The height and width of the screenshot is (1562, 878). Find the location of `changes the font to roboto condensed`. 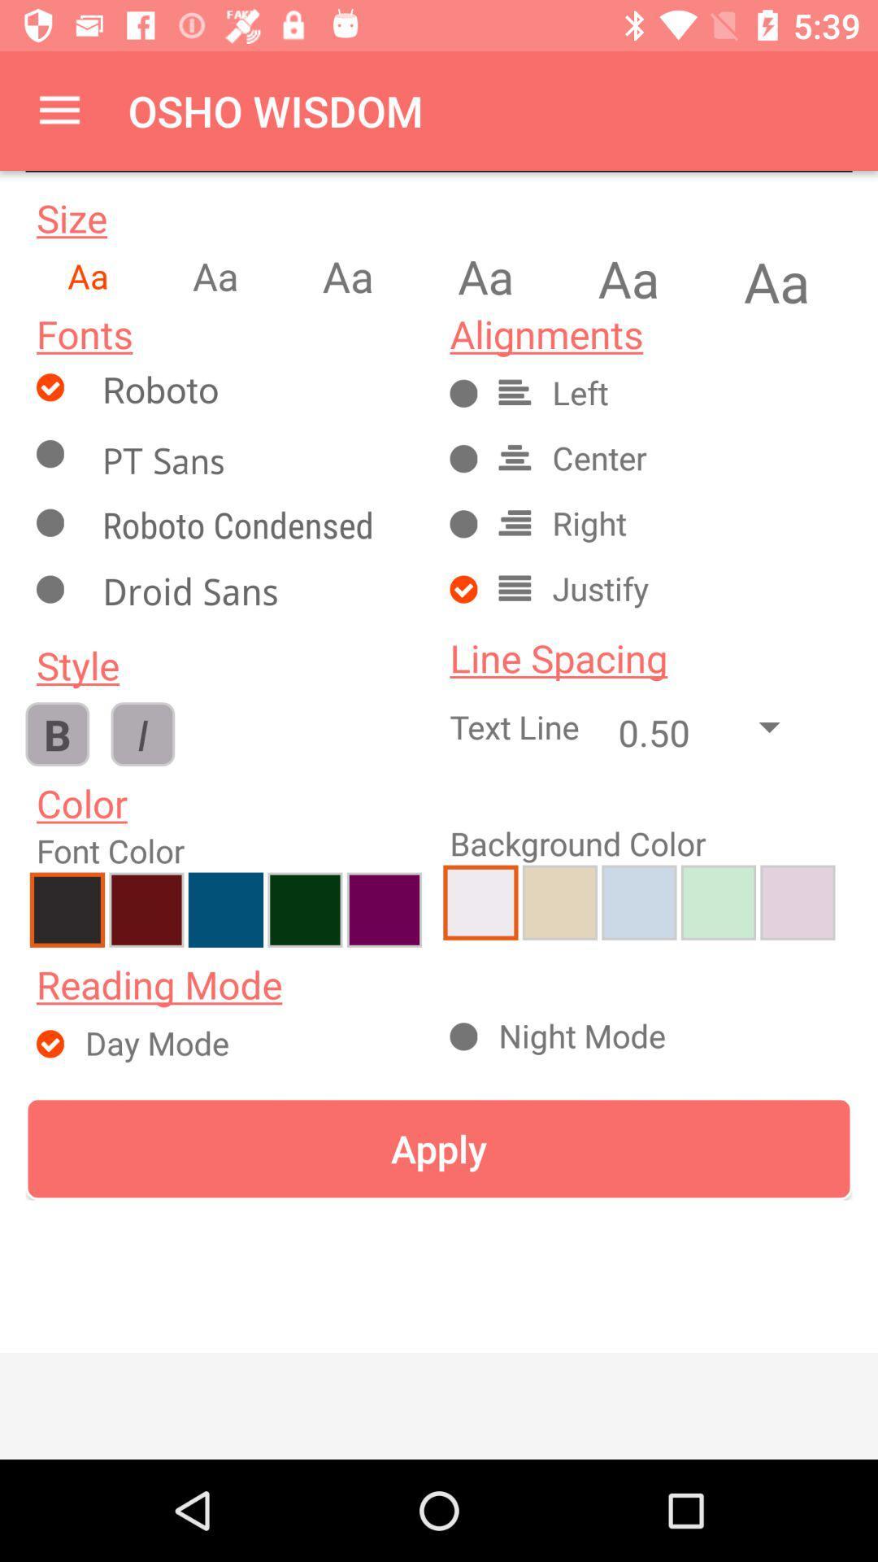

changes the font to roboto condensed is located at coordinates (256, 528).